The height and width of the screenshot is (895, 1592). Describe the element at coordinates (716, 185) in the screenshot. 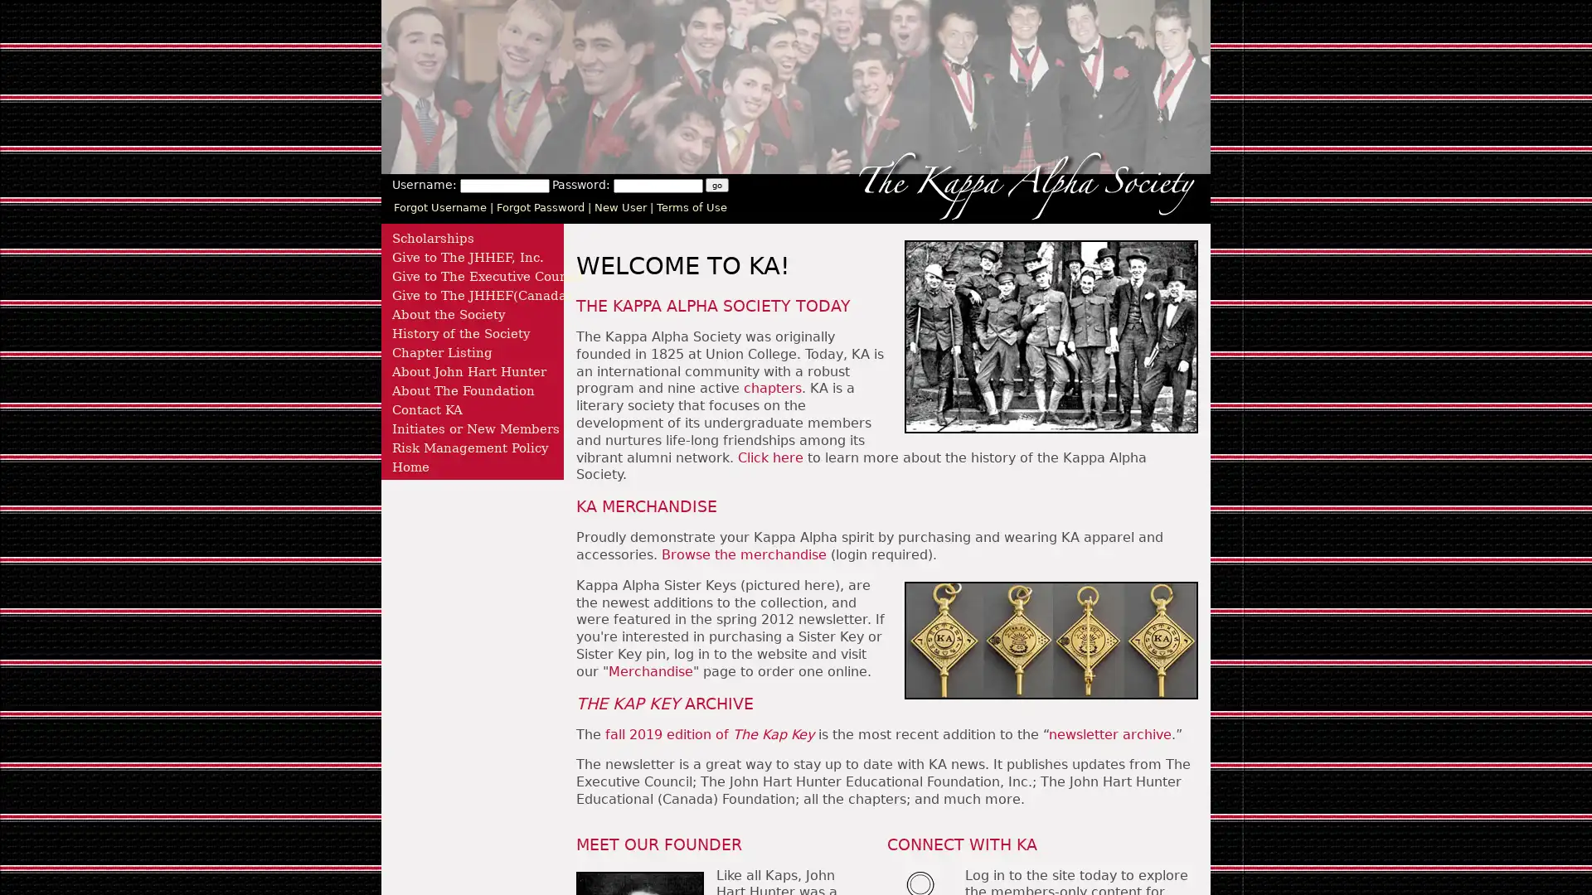

I see `go` at that location.